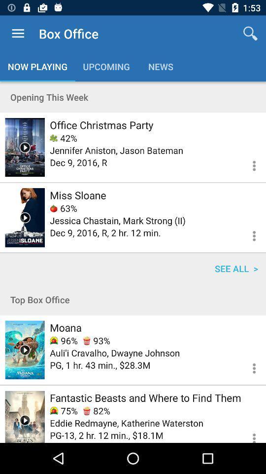  I want to click on movie listed, so click(25, 350).